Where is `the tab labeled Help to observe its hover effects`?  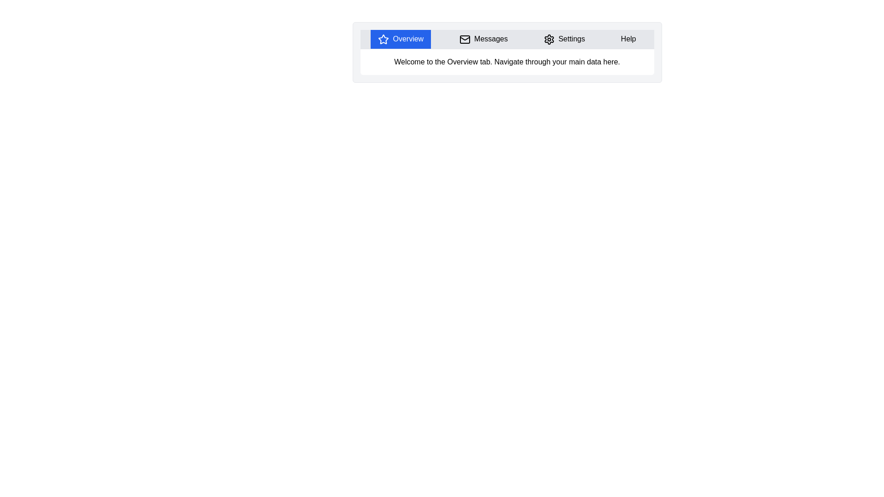 the tab labeled Help to observe its hover effects is located at coordinates (628, 39).